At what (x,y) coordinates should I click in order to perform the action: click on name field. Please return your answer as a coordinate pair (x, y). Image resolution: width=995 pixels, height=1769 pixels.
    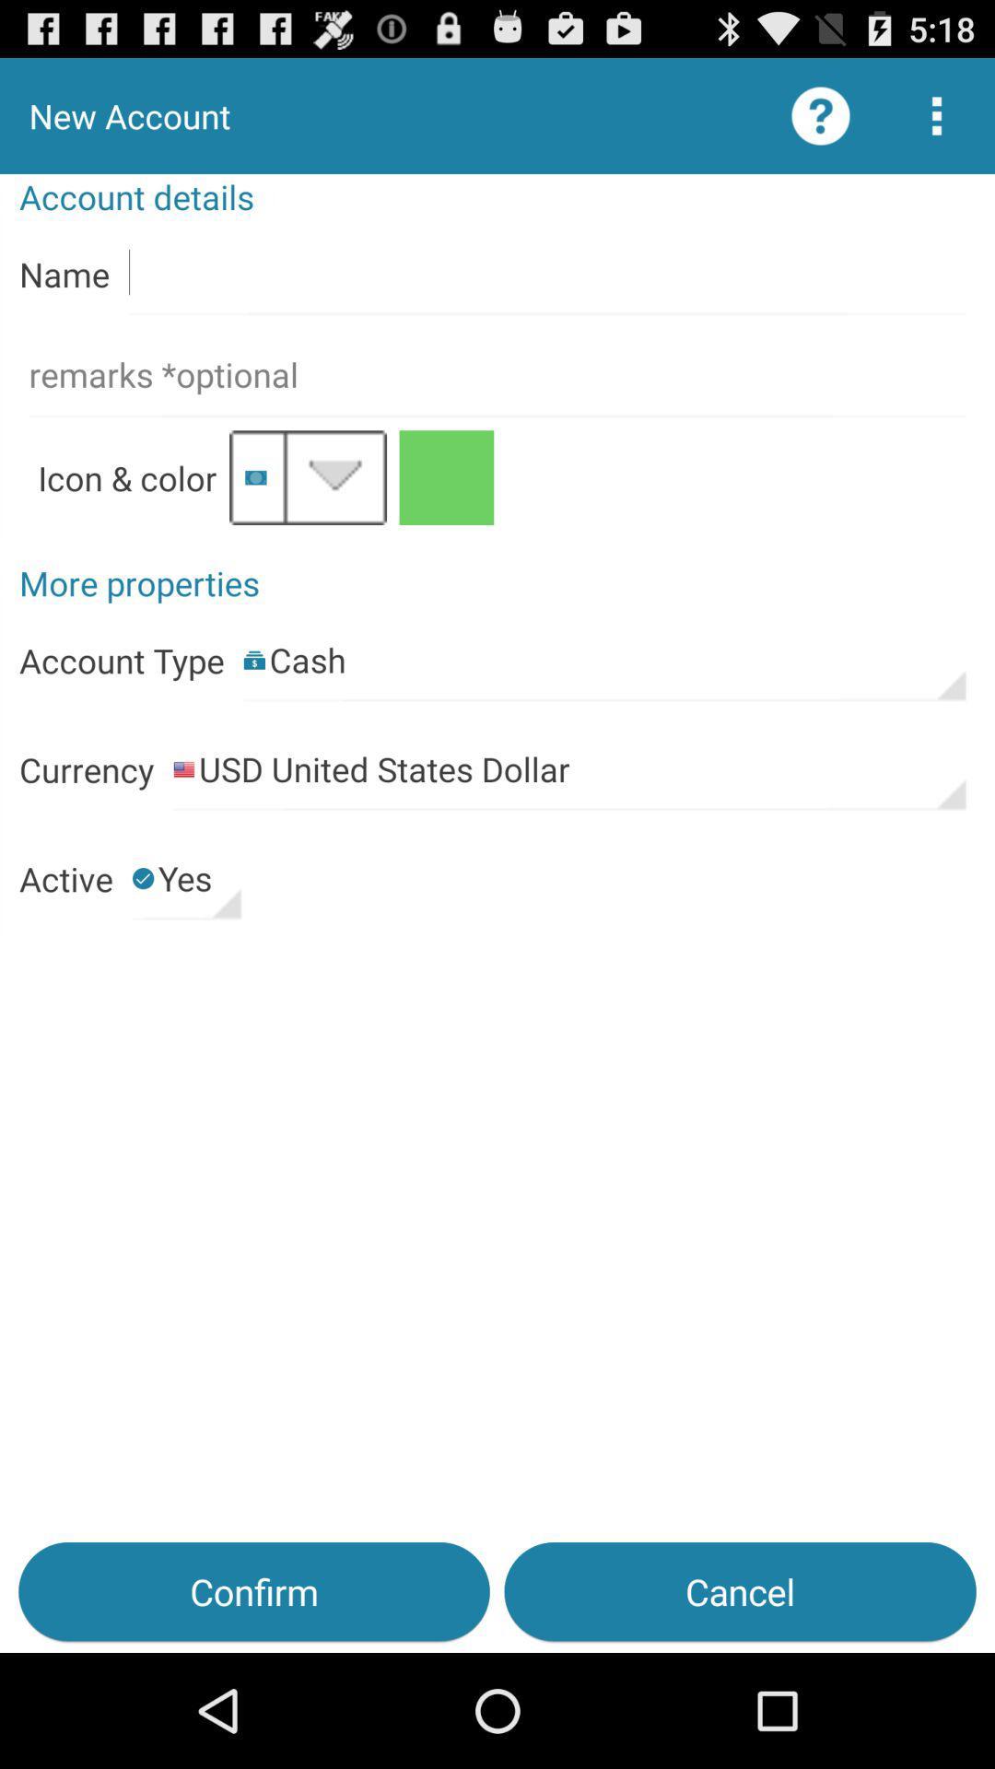
    Looking at the image, I should click on (546, 273).